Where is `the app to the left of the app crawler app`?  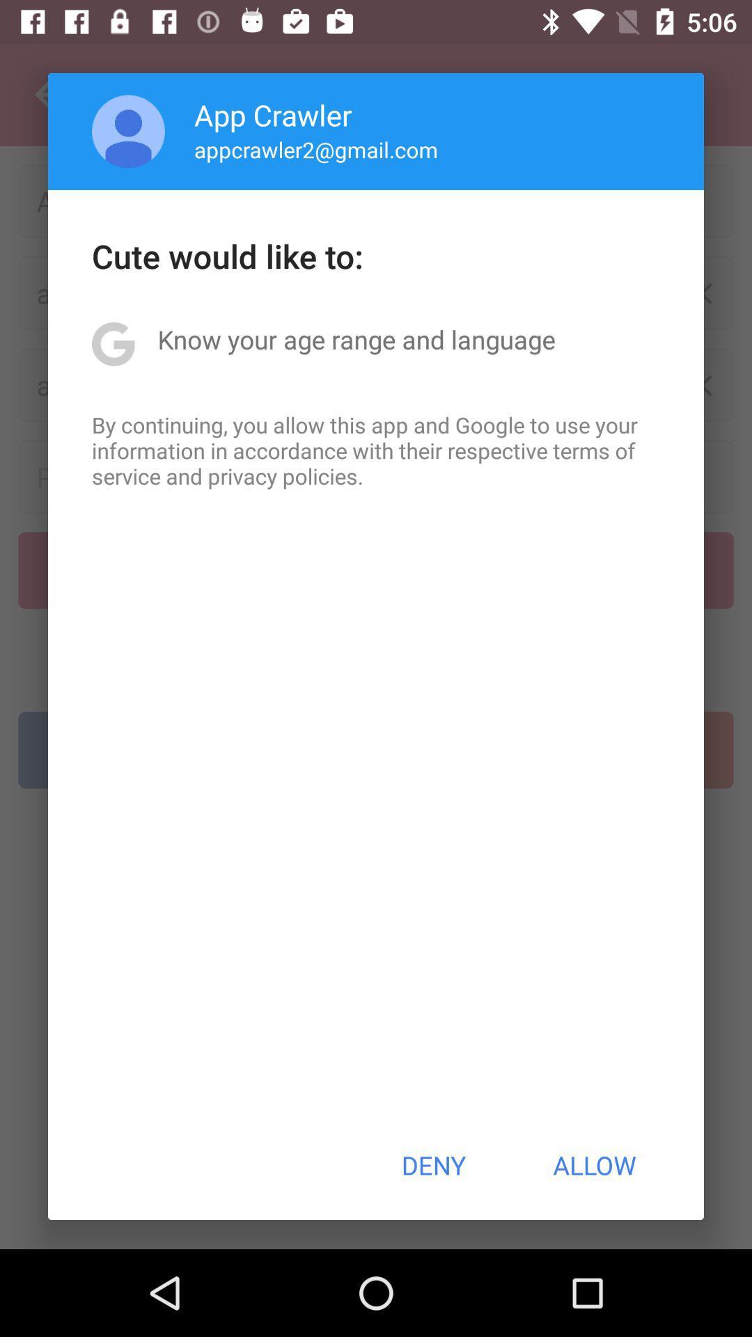 the app to the left of the app crawler app is located at coordinates (128, 131).